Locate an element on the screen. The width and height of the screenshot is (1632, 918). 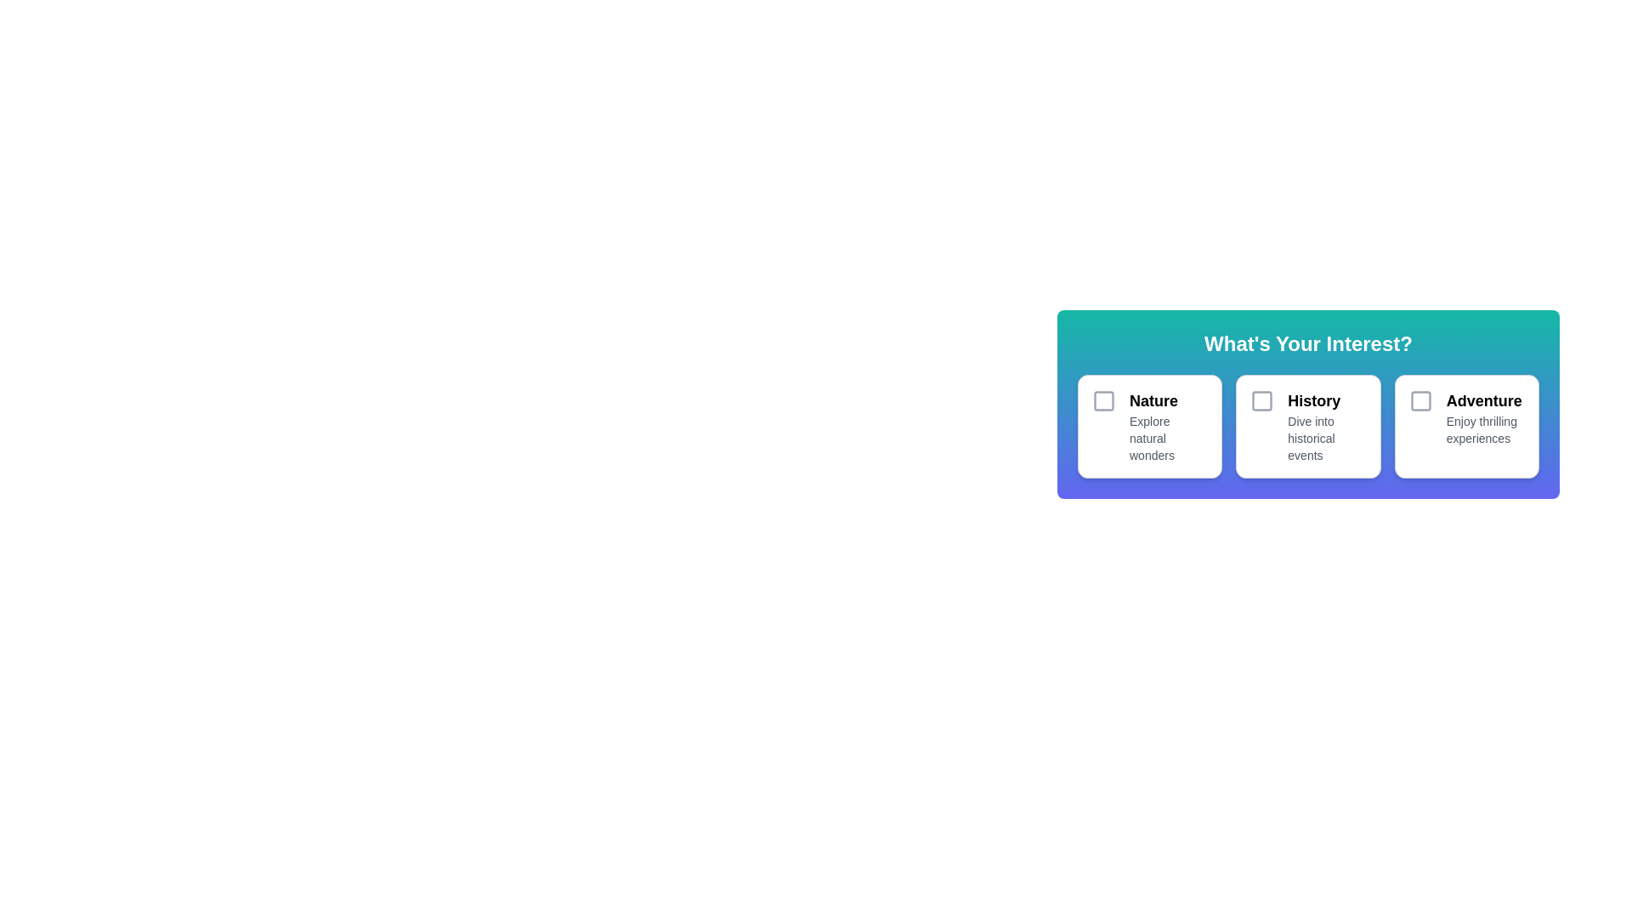
the middle panel in the grid that serves as an informational option for selecting or learning about history is located at coordinates (1307, 425).